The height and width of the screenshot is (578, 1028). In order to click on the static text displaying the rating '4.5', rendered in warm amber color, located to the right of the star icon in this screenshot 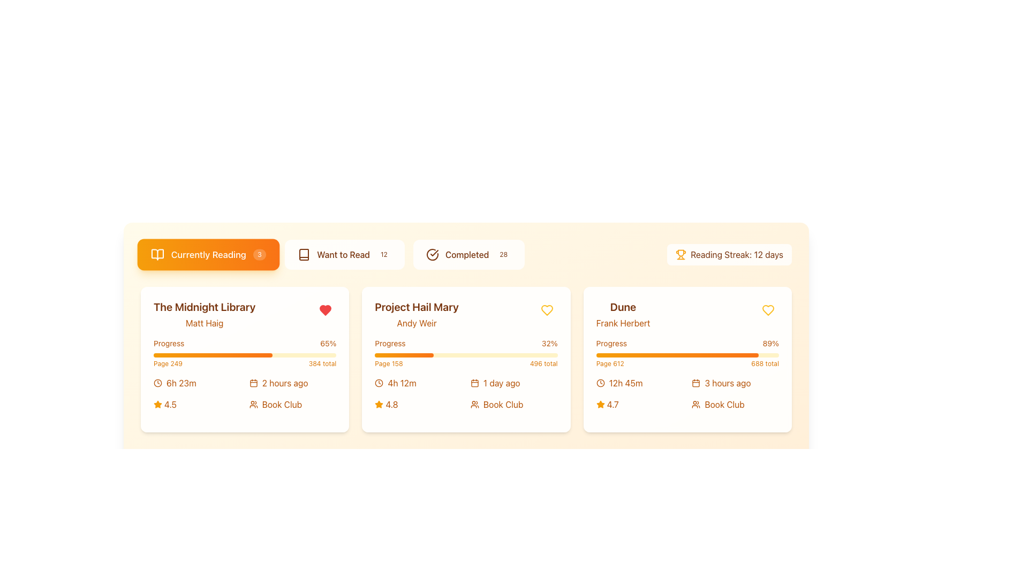, I will do `click(170, 405)`.